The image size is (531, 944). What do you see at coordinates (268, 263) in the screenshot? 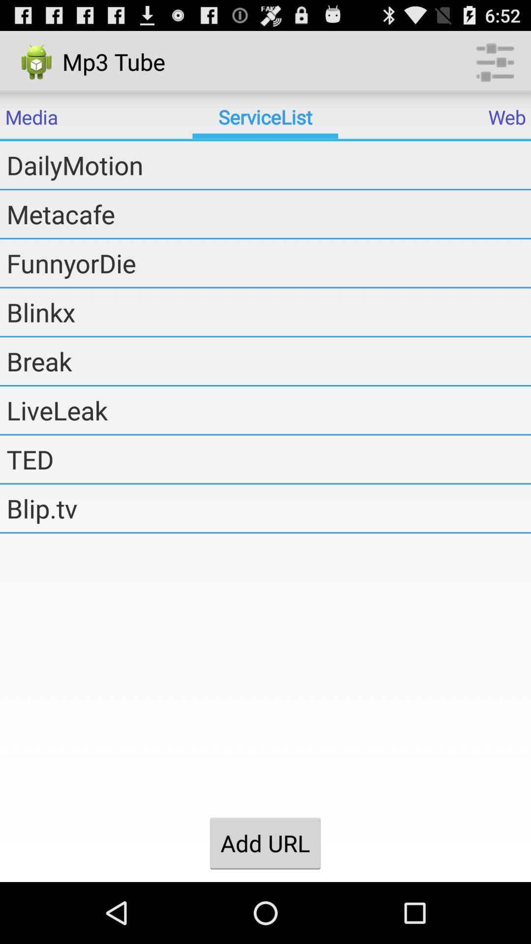
I see `the funnyordie` at bounding box center [268, 263].